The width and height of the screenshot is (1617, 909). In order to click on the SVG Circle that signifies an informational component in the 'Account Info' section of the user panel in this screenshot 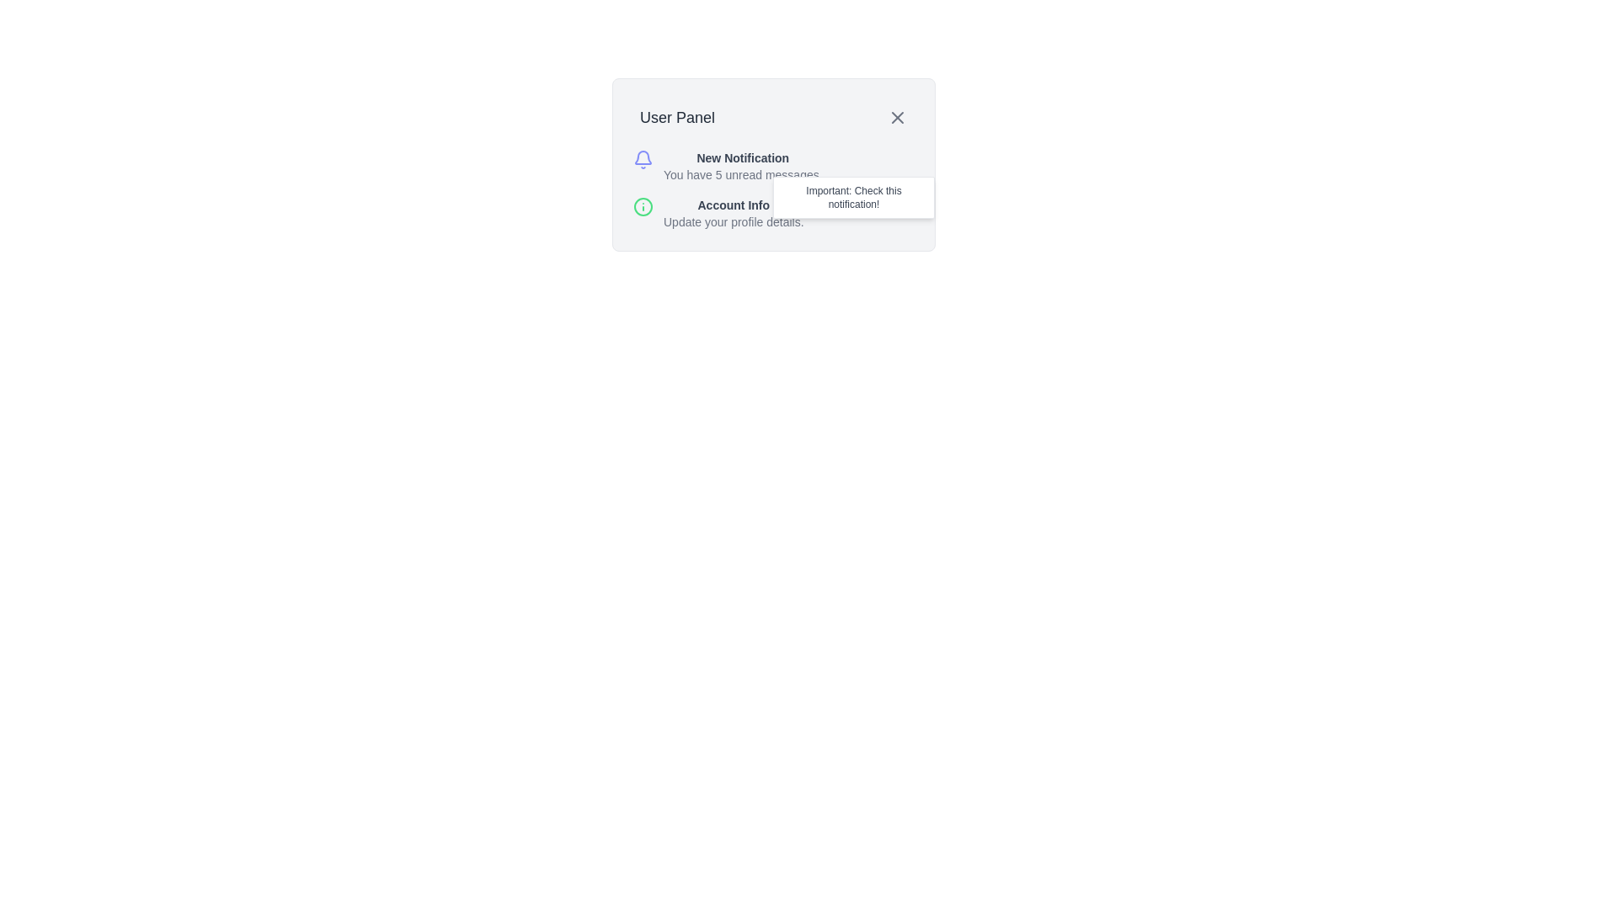, I will do `click(642, 206)`.